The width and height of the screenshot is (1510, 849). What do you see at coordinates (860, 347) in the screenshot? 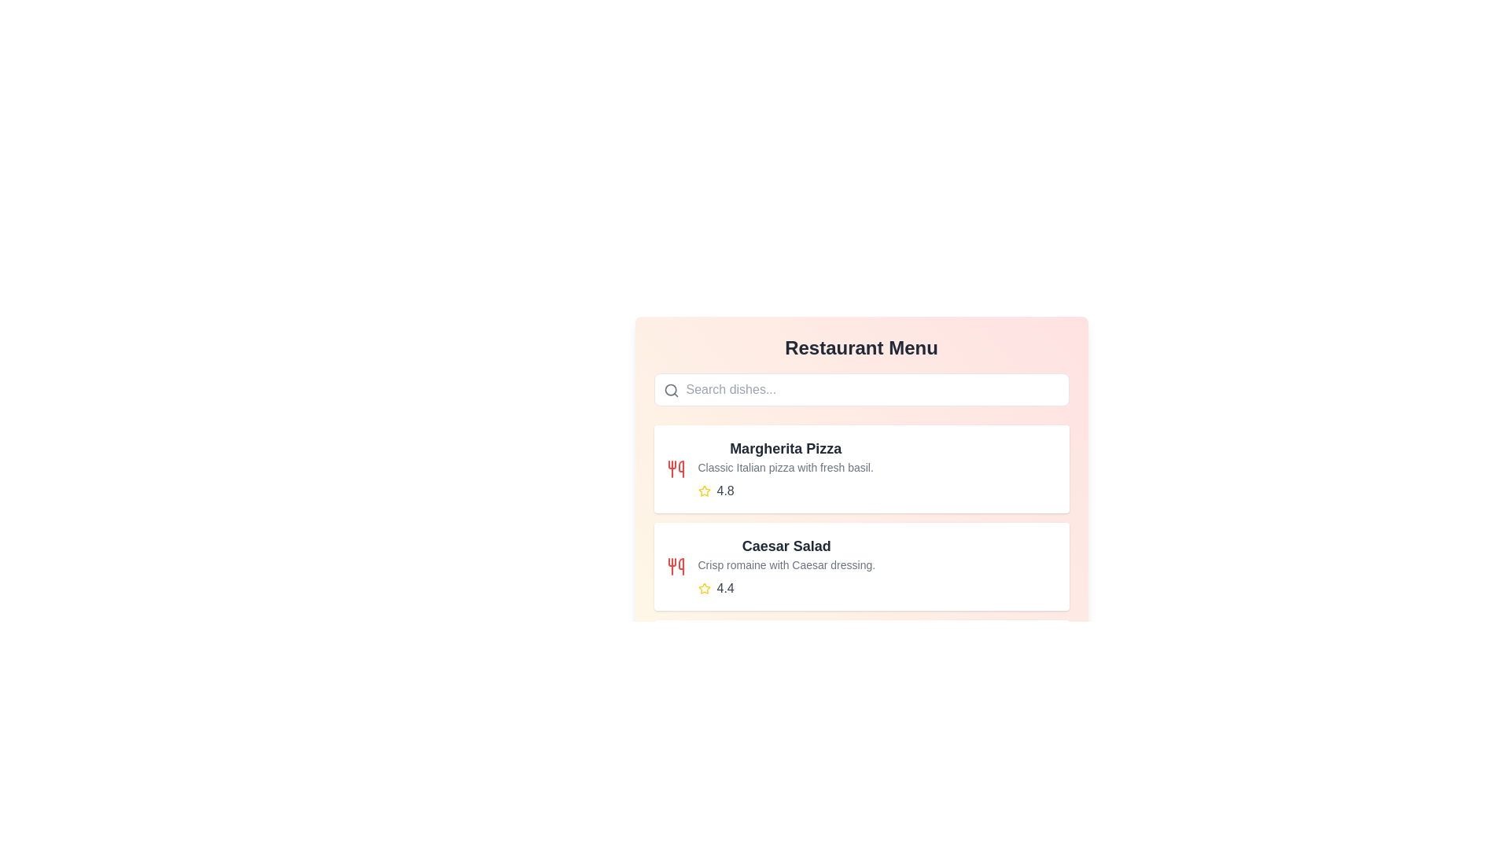
I see `the header text label at the center top of the menu card, which identifies the content of the section and is positioned above the search input field` at bounding box center [860, 347].